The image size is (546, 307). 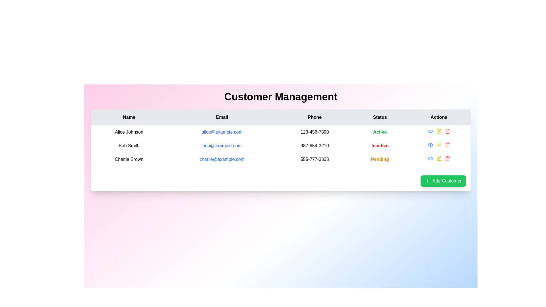 I want to click on the text element displaying the phone number '123-456-7890' located in the 'Phone' column of the user details table, so click(x=314, y=132).